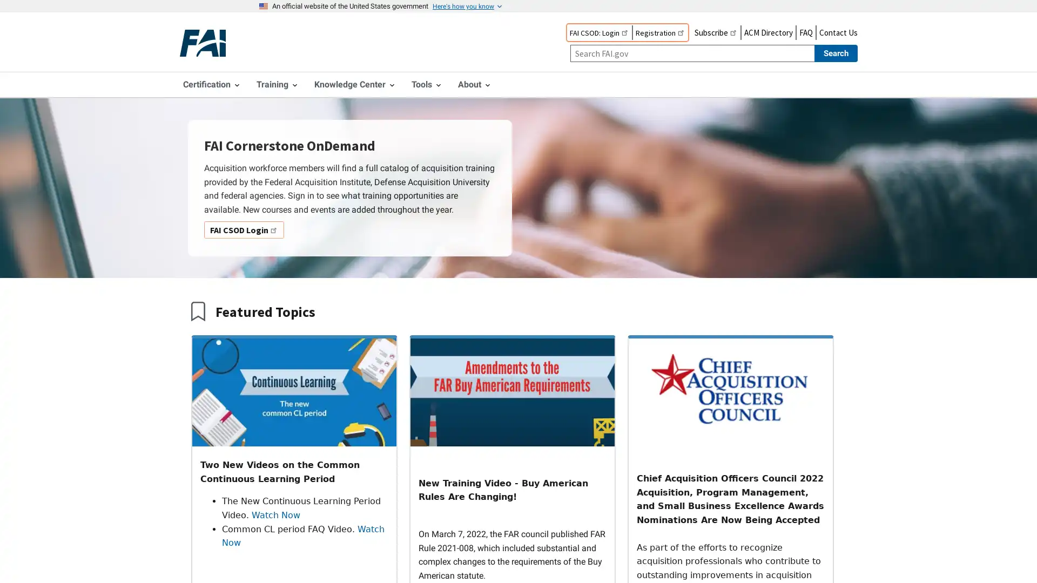  What do you see at coordinates (210, 84) in the screenshot?
I see `Certification` at bounding box center [210, 84].